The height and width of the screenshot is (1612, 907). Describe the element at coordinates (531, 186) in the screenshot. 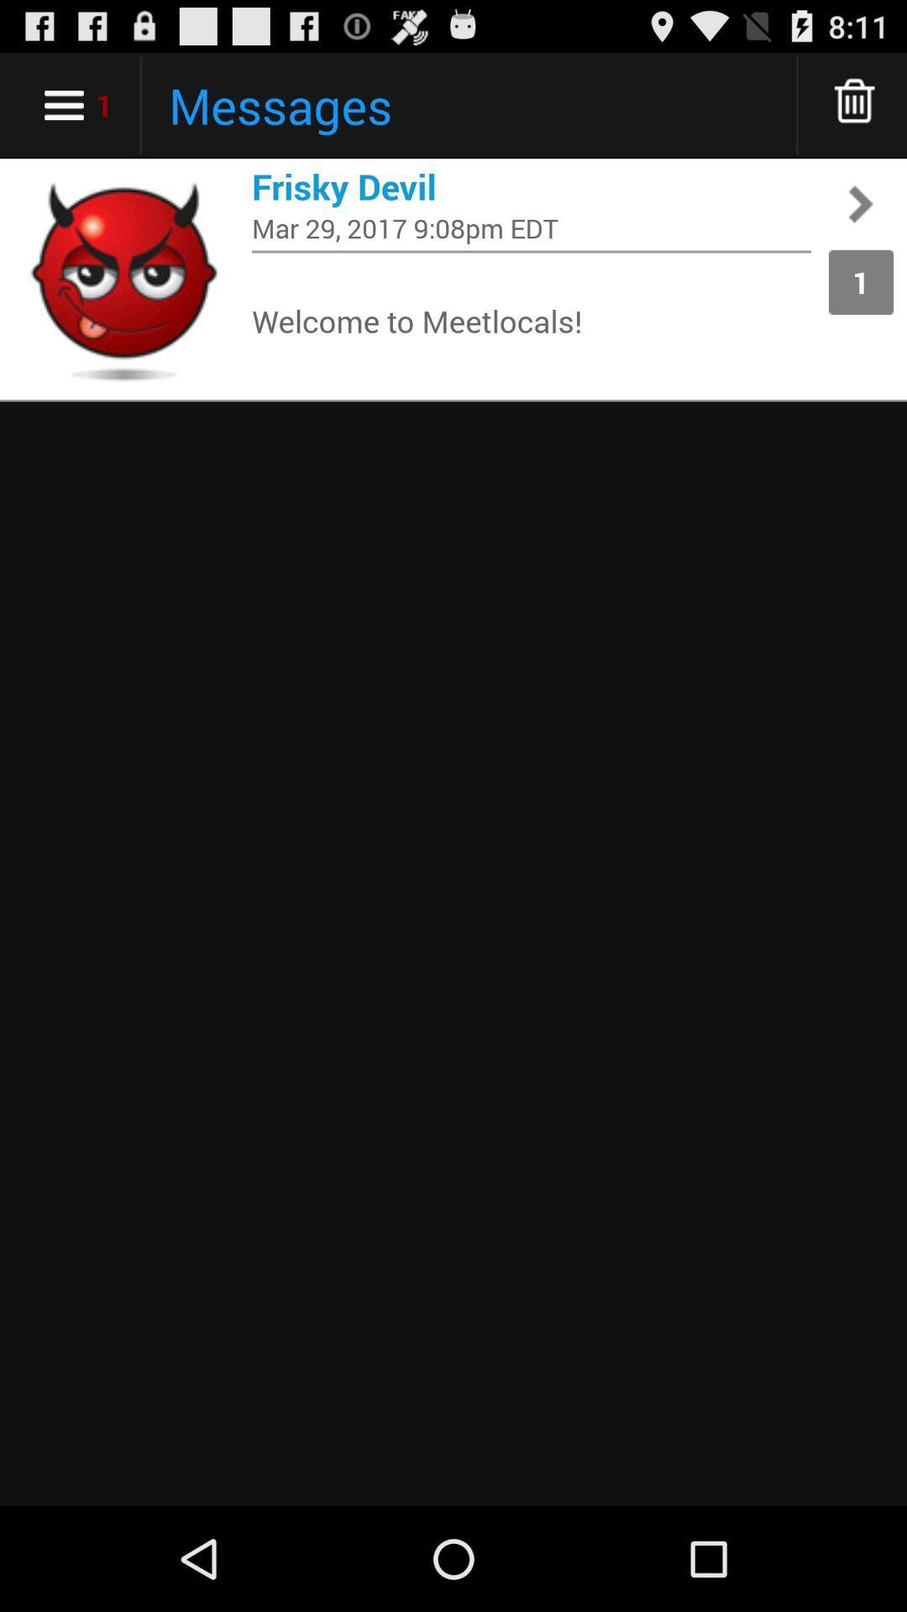

I see `the item above mar 29 2017 item` at that location.